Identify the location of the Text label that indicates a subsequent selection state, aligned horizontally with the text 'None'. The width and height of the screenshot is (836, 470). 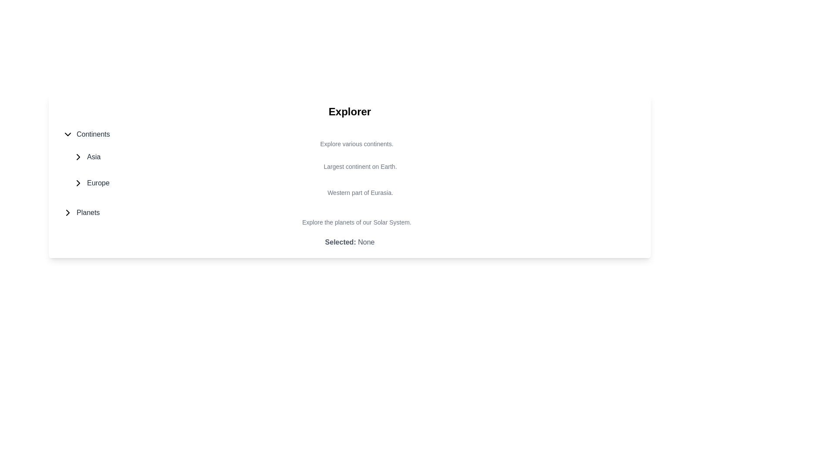
(340, 242).